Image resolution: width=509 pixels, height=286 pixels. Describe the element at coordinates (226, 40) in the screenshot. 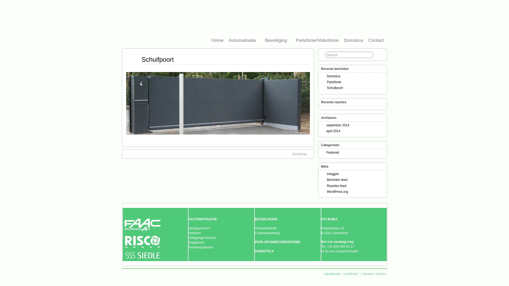

I see `' Automatisatie'` at that location.